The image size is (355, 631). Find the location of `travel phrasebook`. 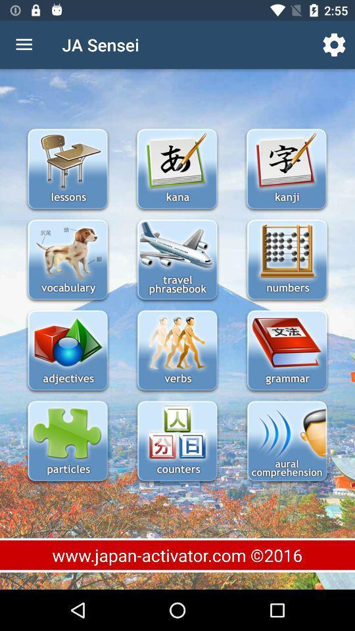

travel phrasebook is located at coordinates (177, 260).